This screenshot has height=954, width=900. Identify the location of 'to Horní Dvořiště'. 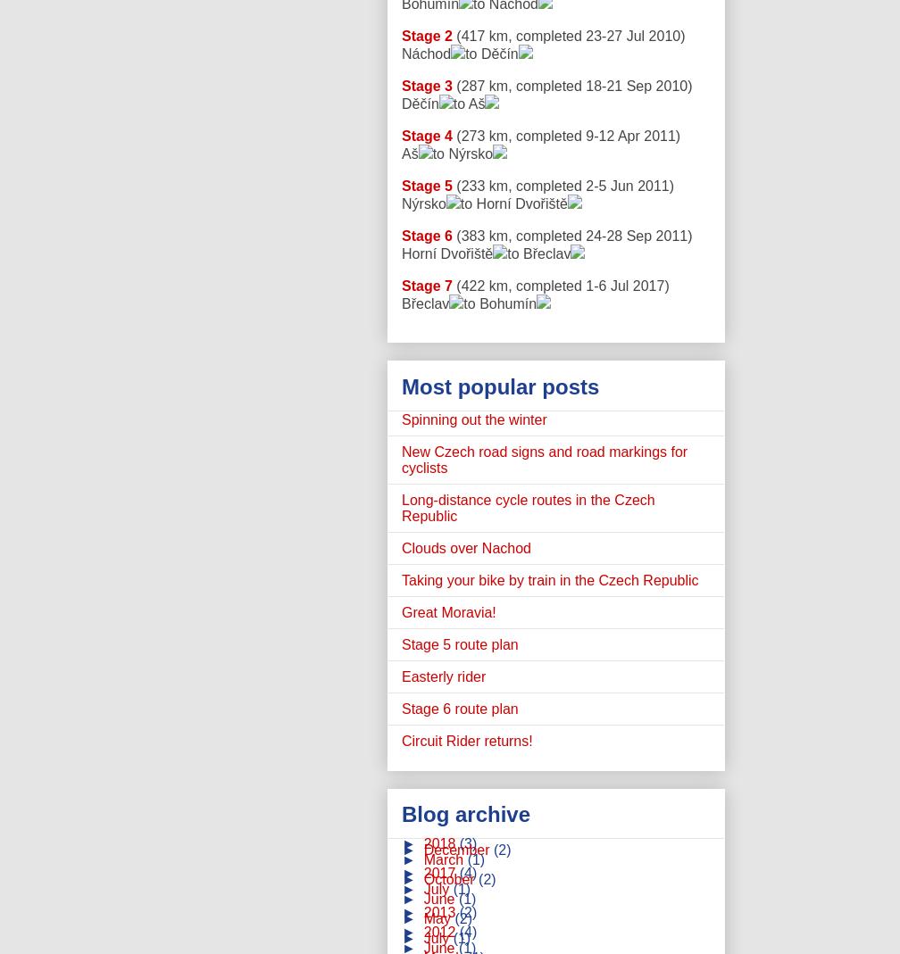
(459, 203).